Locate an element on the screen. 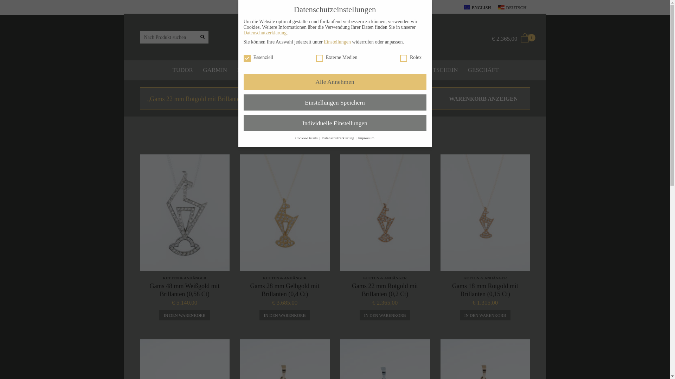 Image resolution: width=675 pixels, height=379 pixels. 'Alle Annehmen' is located at coordinates (334, 81).